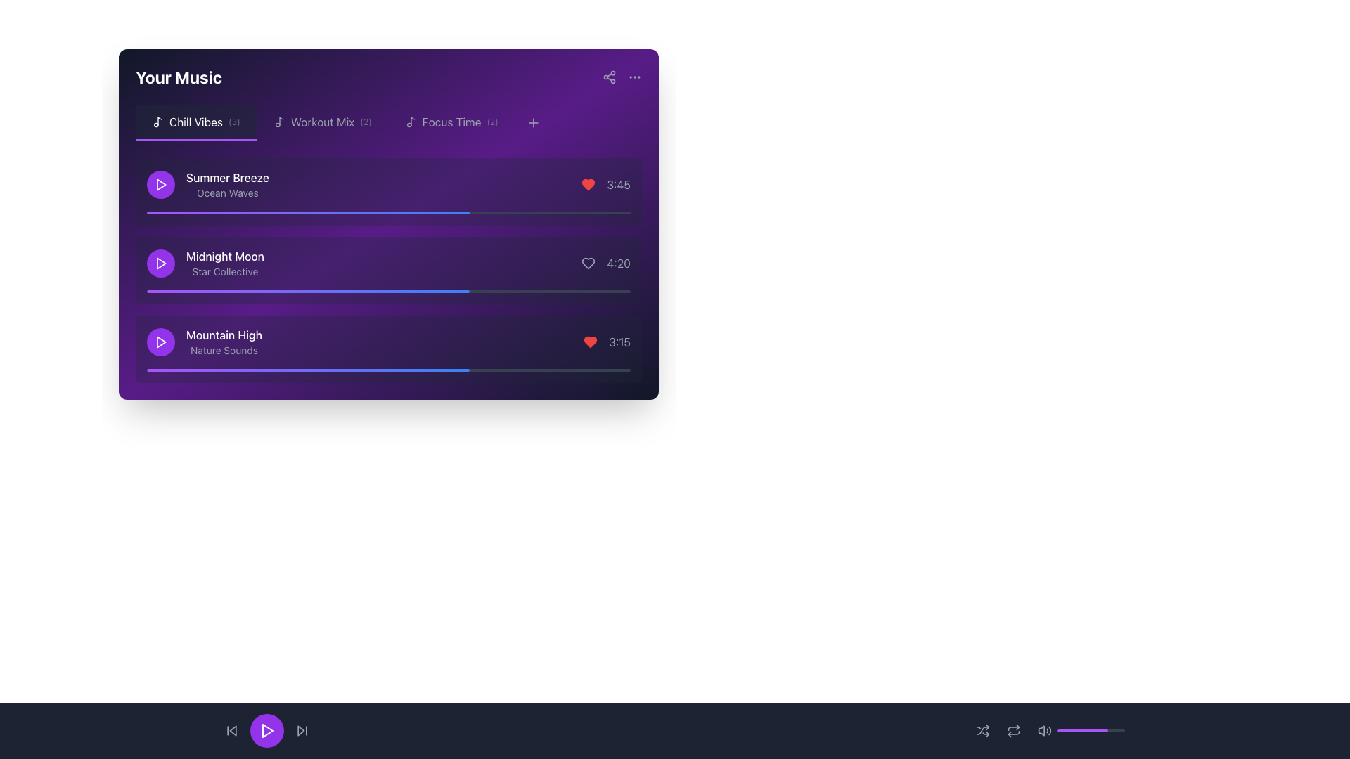 The image size is (1350, 759). I want to click on the progress bar located directly underneath the 'Midnight Moon' song title in the middle card of the three-song list within the 'Your Music' panel, so click(388, 291).